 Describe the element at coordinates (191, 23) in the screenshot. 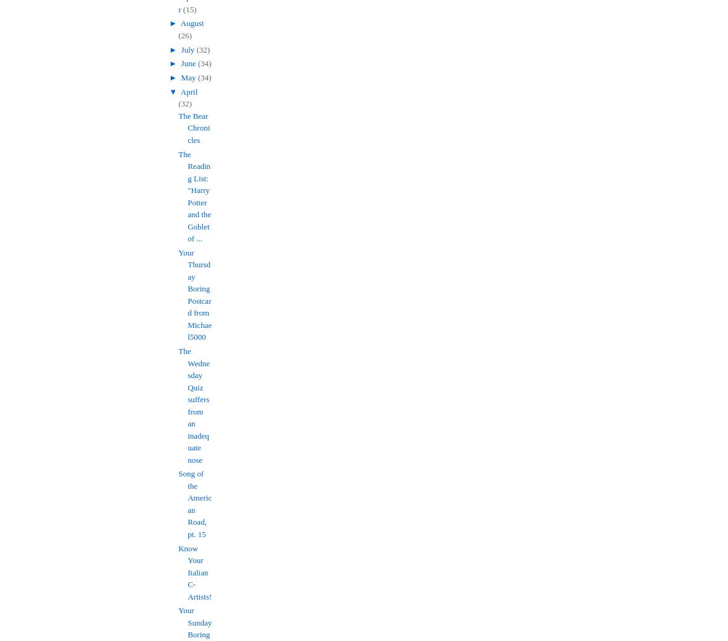

I see `'August'` at that location.